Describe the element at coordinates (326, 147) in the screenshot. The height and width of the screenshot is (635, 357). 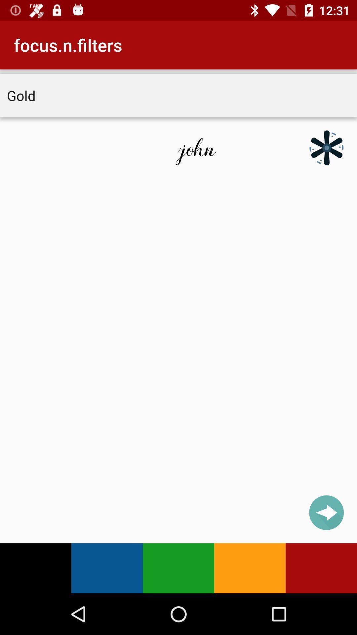
I see `the national_flag icon` at that location.